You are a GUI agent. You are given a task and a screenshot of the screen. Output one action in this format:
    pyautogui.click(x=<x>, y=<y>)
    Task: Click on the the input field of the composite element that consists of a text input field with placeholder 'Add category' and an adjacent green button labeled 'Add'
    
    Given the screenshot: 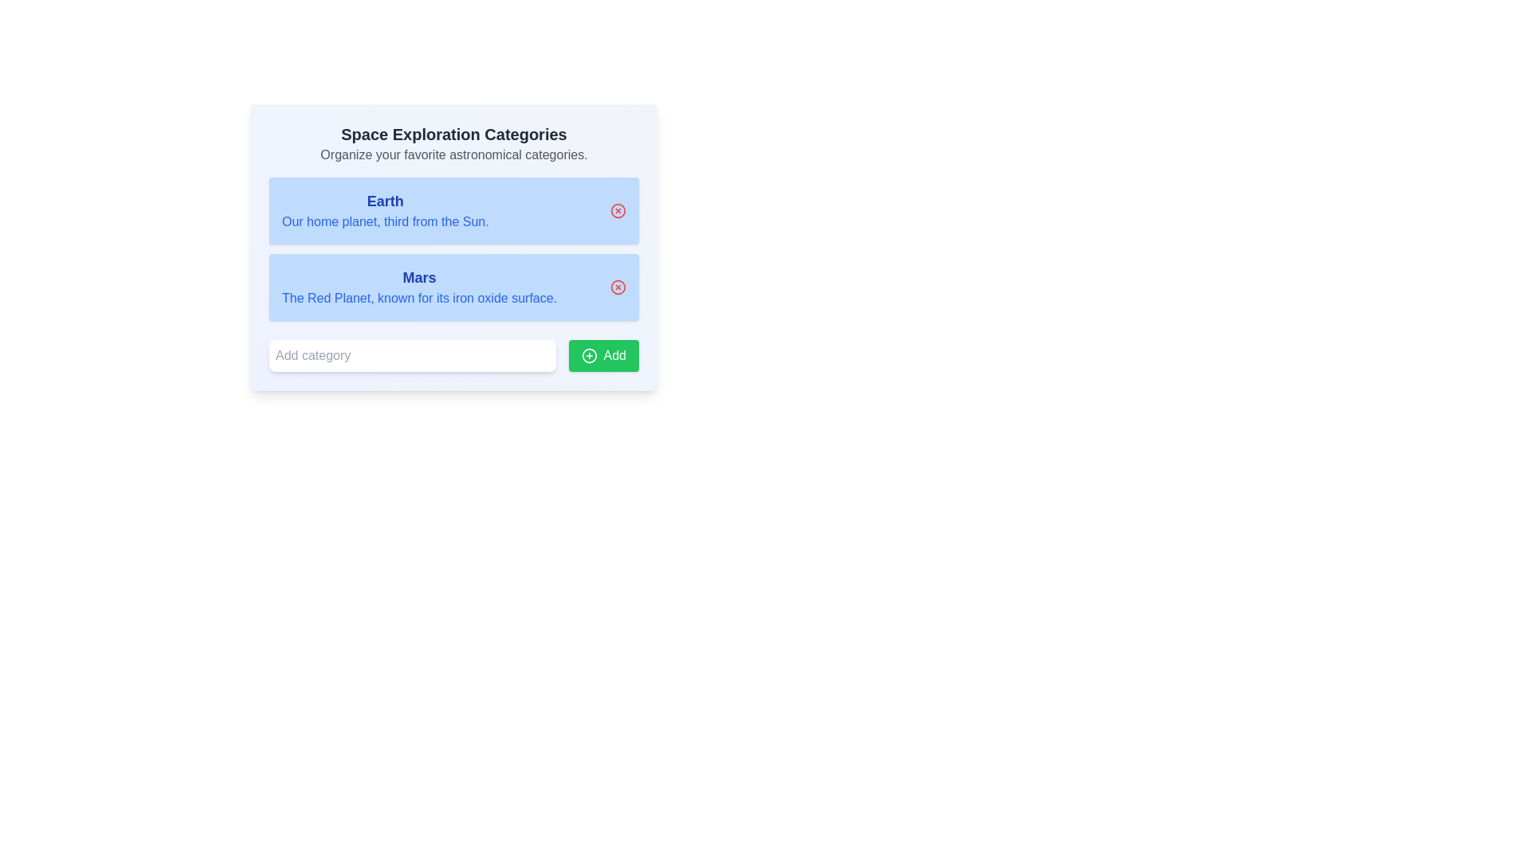 What is the action you would take?
    pyautogui.click(x=453, y=355)
    